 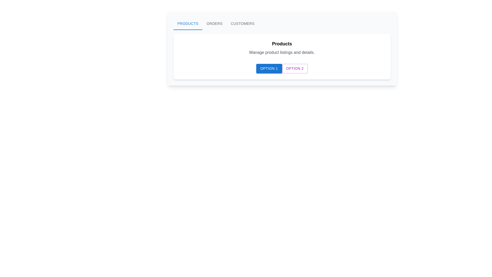 I want to click on the 'Customers' tab, which is the third tab in a horizontal tab list styled with uppercase text, so click(x=242, y=24).